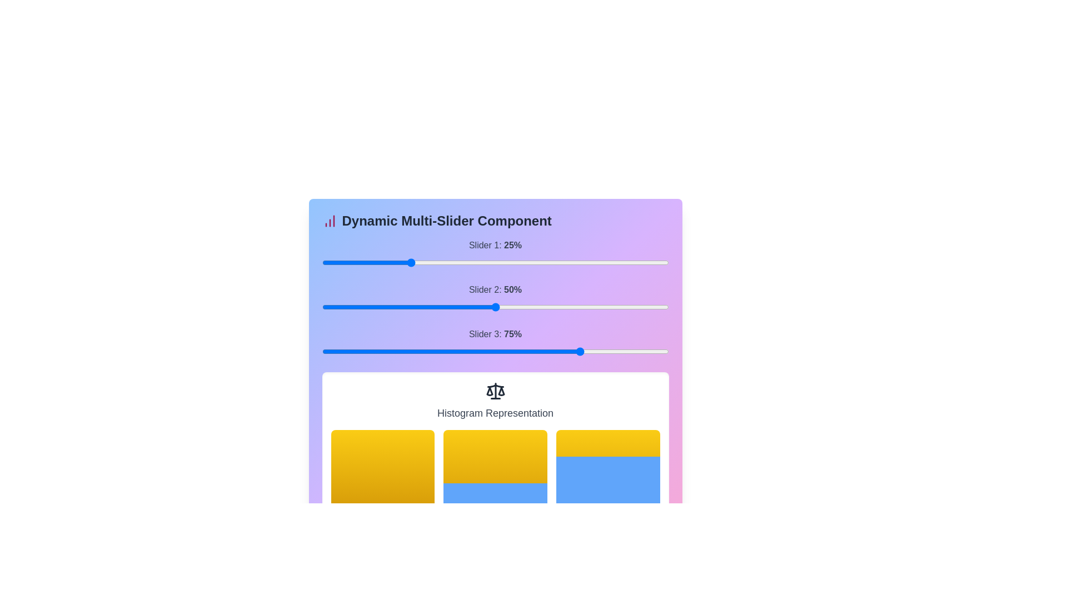  What do you see at coordinates (590, 263) in the screenshot?
I see `the slider 1 to 55% to observe histogram changes` at bounding box center [590, 263].